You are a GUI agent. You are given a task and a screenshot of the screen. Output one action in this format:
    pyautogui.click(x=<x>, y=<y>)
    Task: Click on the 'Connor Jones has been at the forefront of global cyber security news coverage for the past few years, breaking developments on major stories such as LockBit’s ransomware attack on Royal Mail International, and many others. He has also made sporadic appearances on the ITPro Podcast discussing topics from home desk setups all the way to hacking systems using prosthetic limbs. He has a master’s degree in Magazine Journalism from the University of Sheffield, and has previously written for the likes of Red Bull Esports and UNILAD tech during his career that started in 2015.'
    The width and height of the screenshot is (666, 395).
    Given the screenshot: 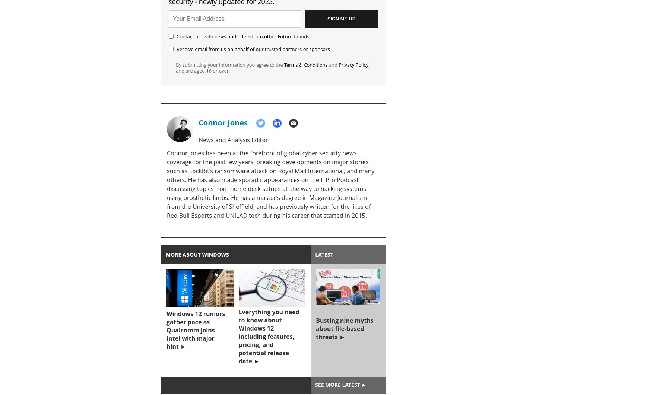 What is the action you would take?
    pyautogui.click(x=270, y=184)
    